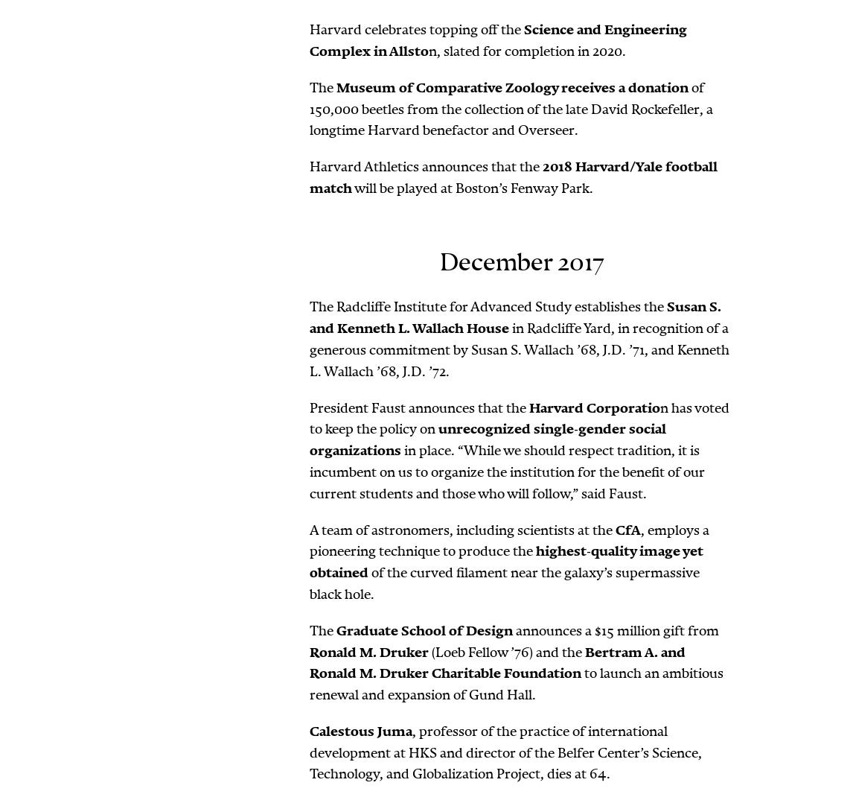  Describe the element at coordinates (426, 167) in the screenshot. I see `'Harvard Athletics announces that the'` at that location.